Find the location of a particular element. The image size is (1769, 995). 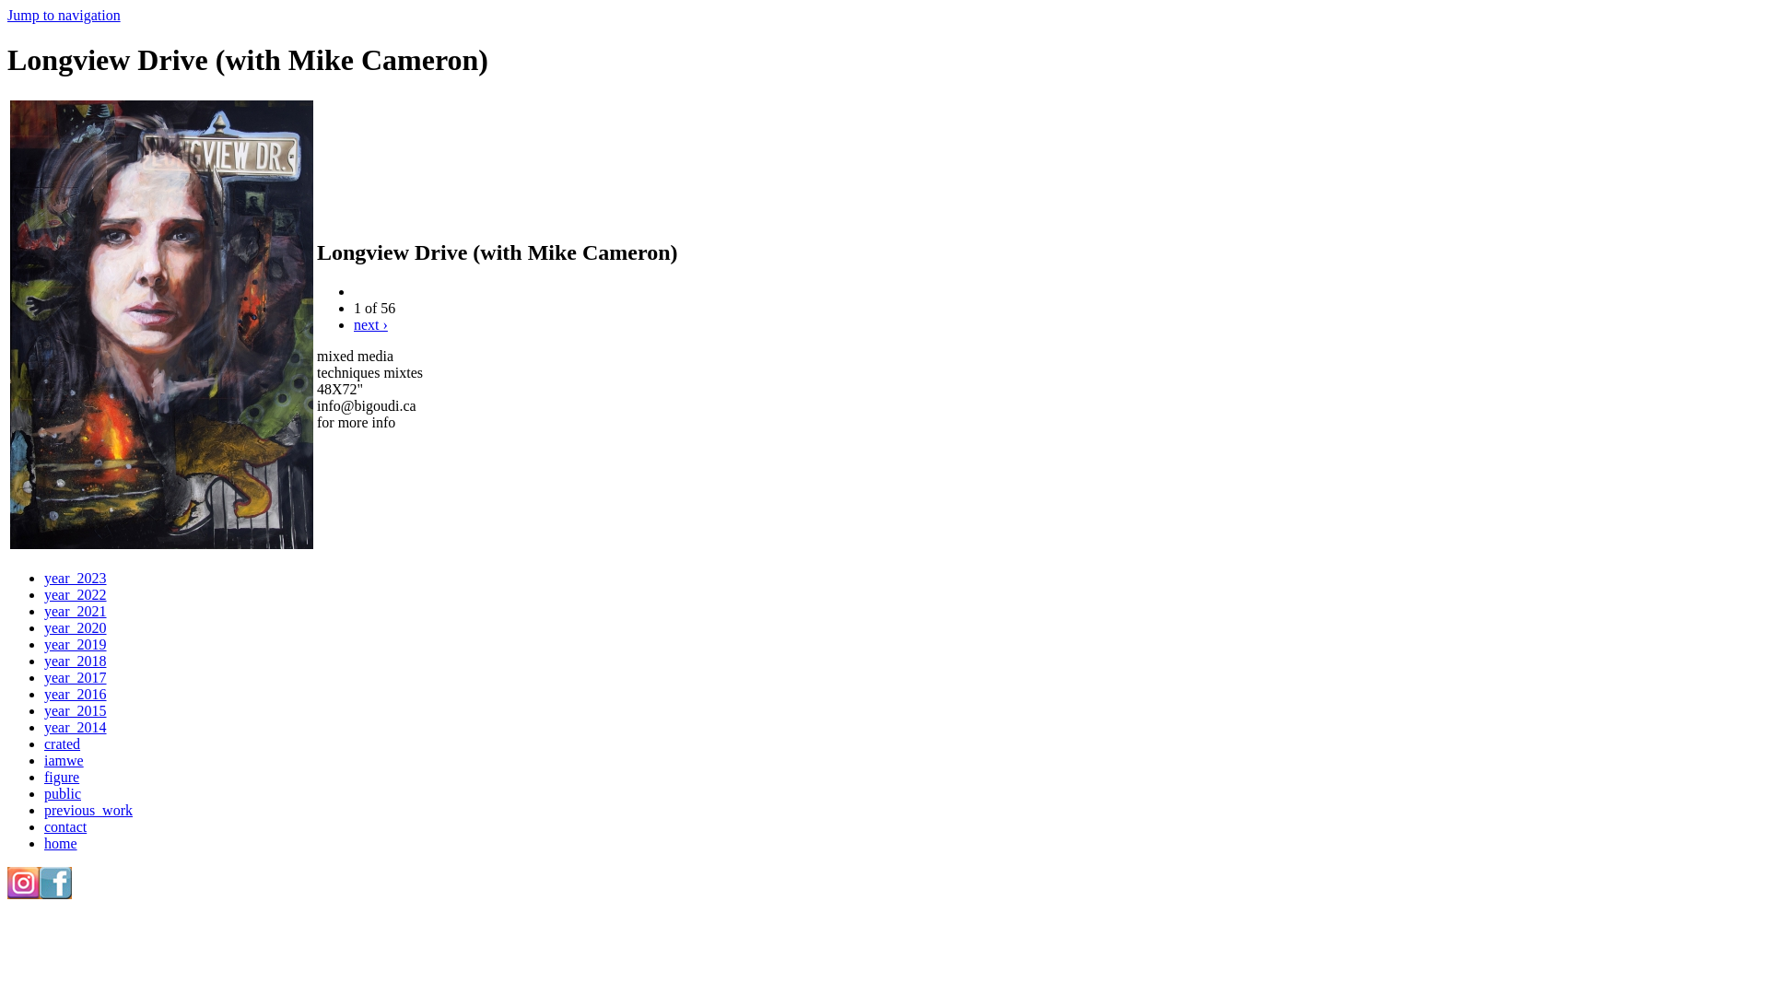

'year_2015' is located at coordinates (74, 709).